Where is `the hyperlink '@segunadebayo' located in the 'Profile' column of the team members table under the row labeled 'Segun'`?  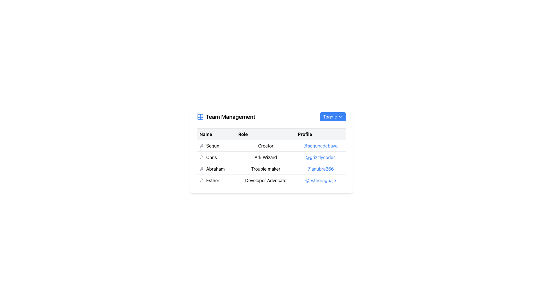 the hyperlink '@segunadebayo' located in the 'Profile' column of the team members table under the row labeled 'Segun' is located at coordinates (321, 145).